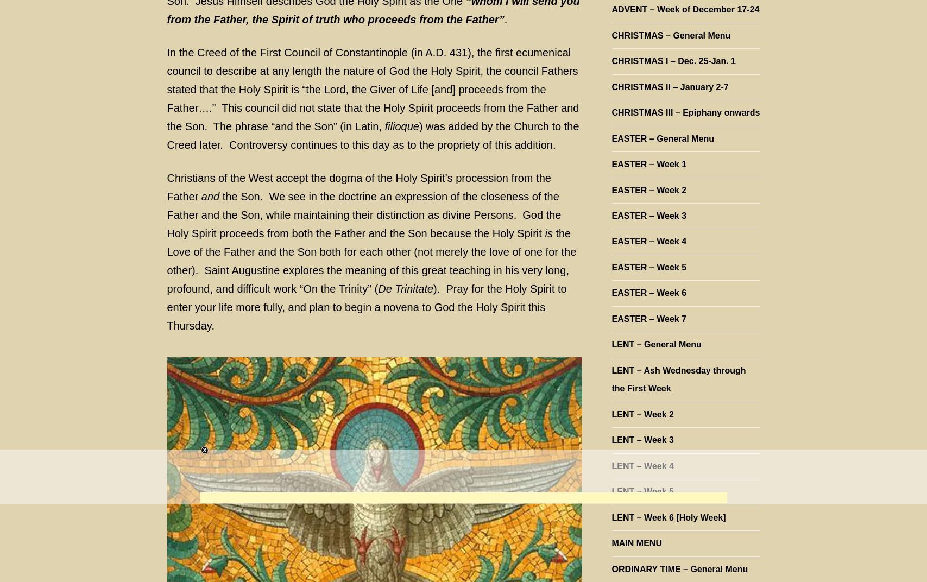 Image resolution: width=927 pixels, height=582 pixels. I want to click on 'LENT – Week 2', so click(641, 414).